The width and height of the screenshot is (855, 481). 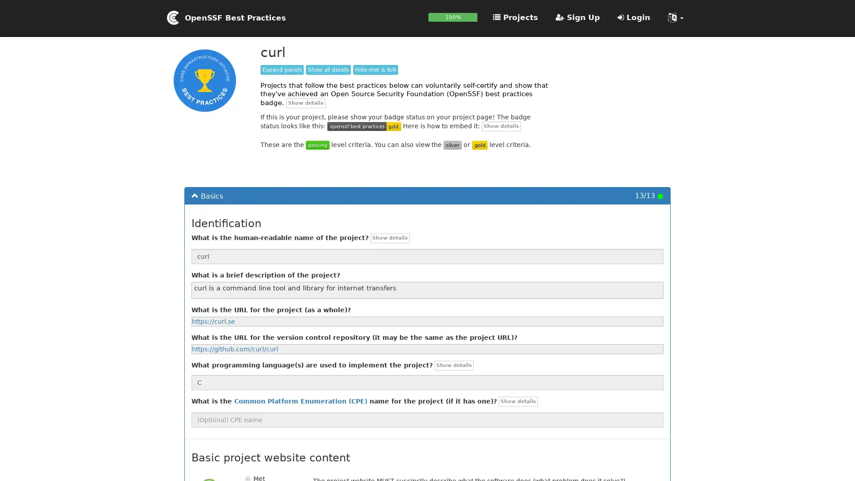 I want to click on Show details, so click(x=390, y=237).